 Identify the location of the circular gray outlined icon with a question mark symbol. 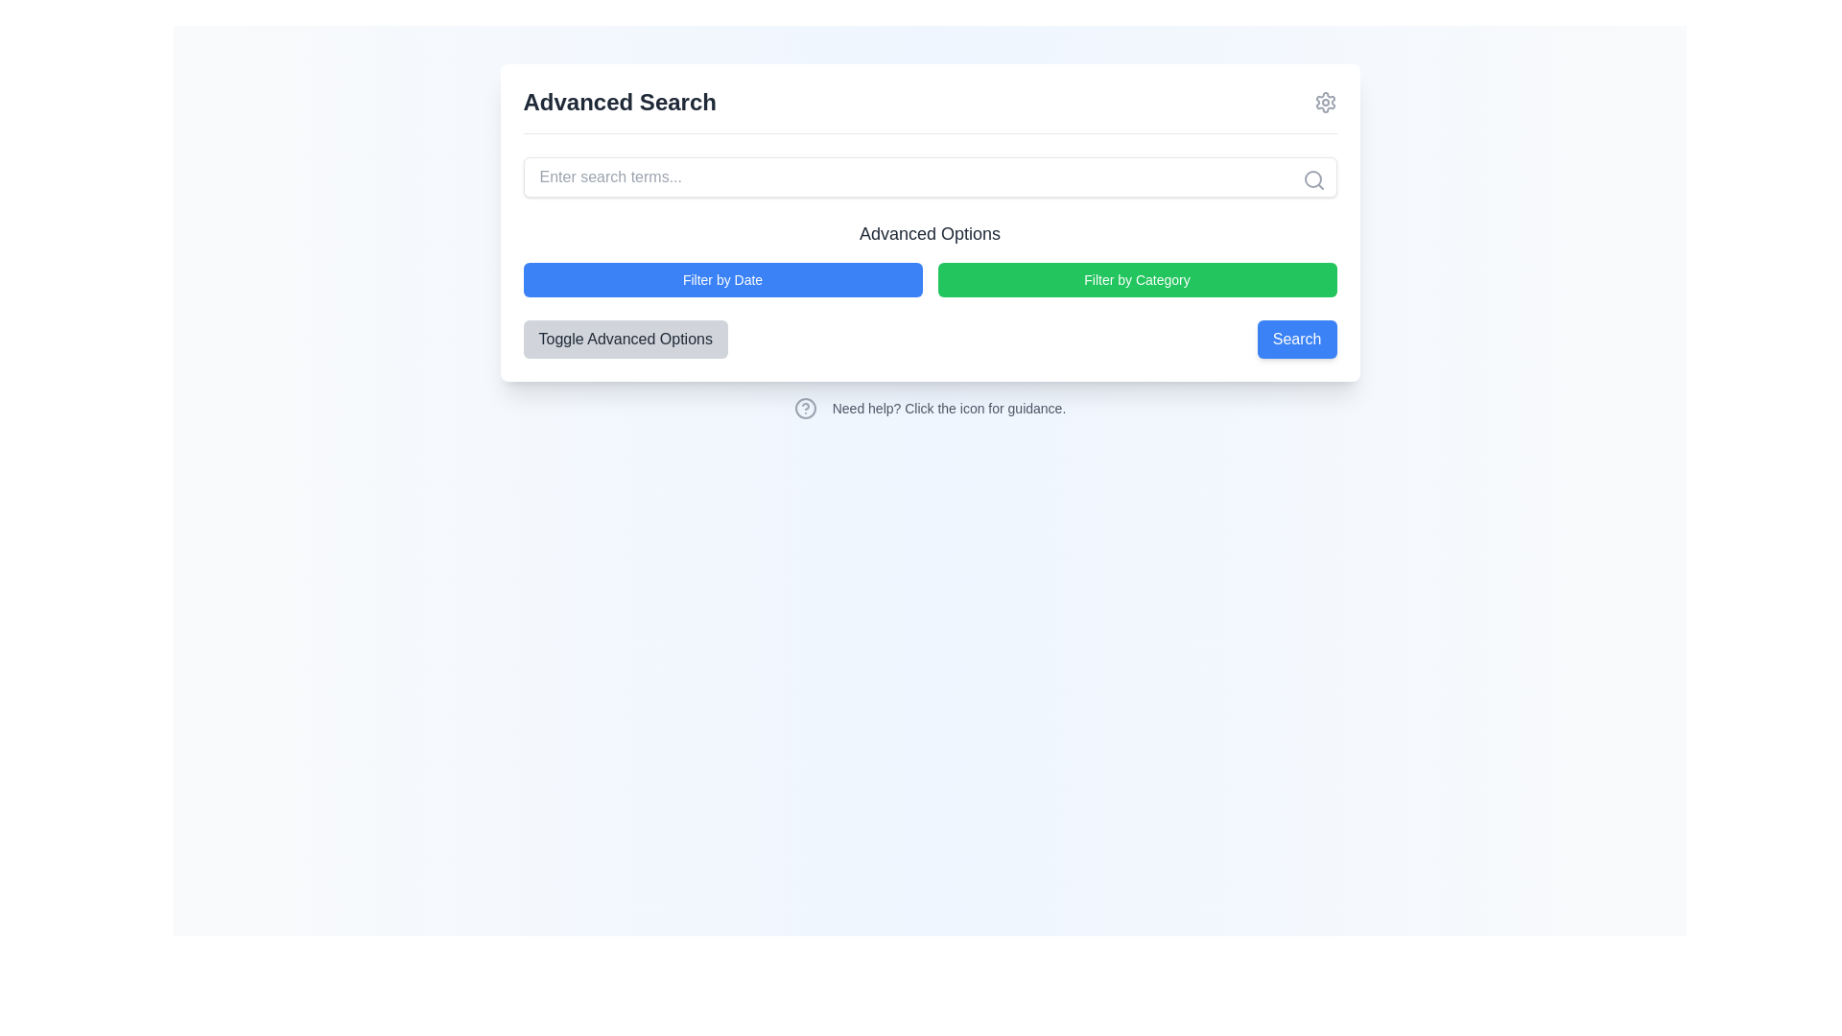
(805, 407).